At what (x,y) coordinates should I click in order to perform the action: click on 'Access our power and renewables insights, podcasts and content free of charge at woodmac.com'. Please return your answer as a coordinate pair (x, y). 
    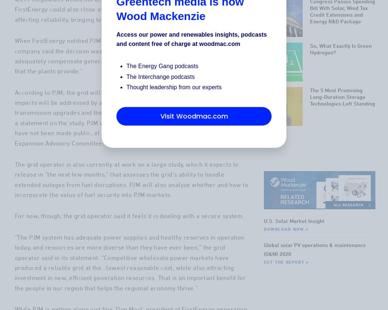
    Looking at the image, I should click on (191, 39).